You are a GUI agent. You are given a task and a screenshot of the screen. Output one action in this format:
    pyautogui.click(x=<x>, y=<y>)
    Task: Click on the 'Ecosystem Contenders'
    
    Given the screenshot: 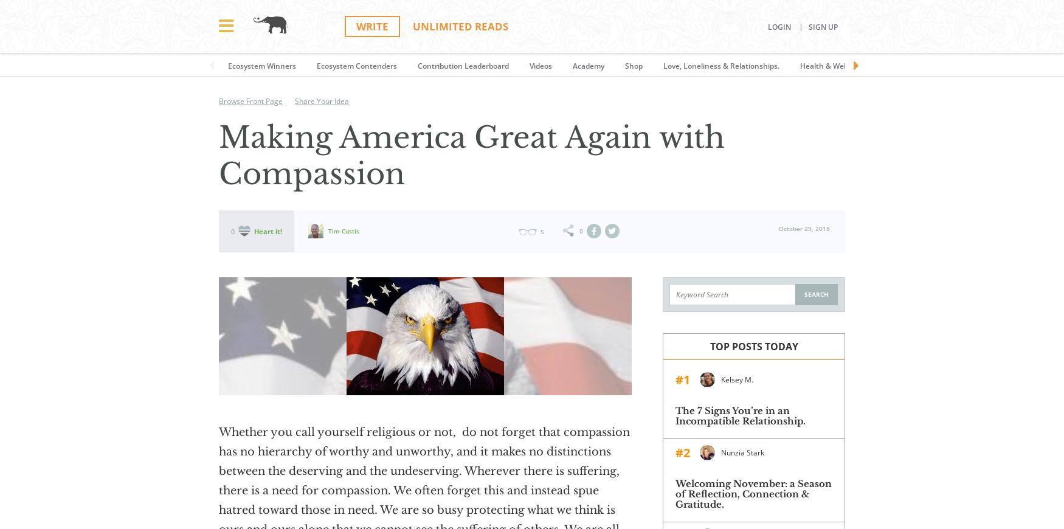 What is the action you would take?
    pyautogui.click(x=316, y=65)
    